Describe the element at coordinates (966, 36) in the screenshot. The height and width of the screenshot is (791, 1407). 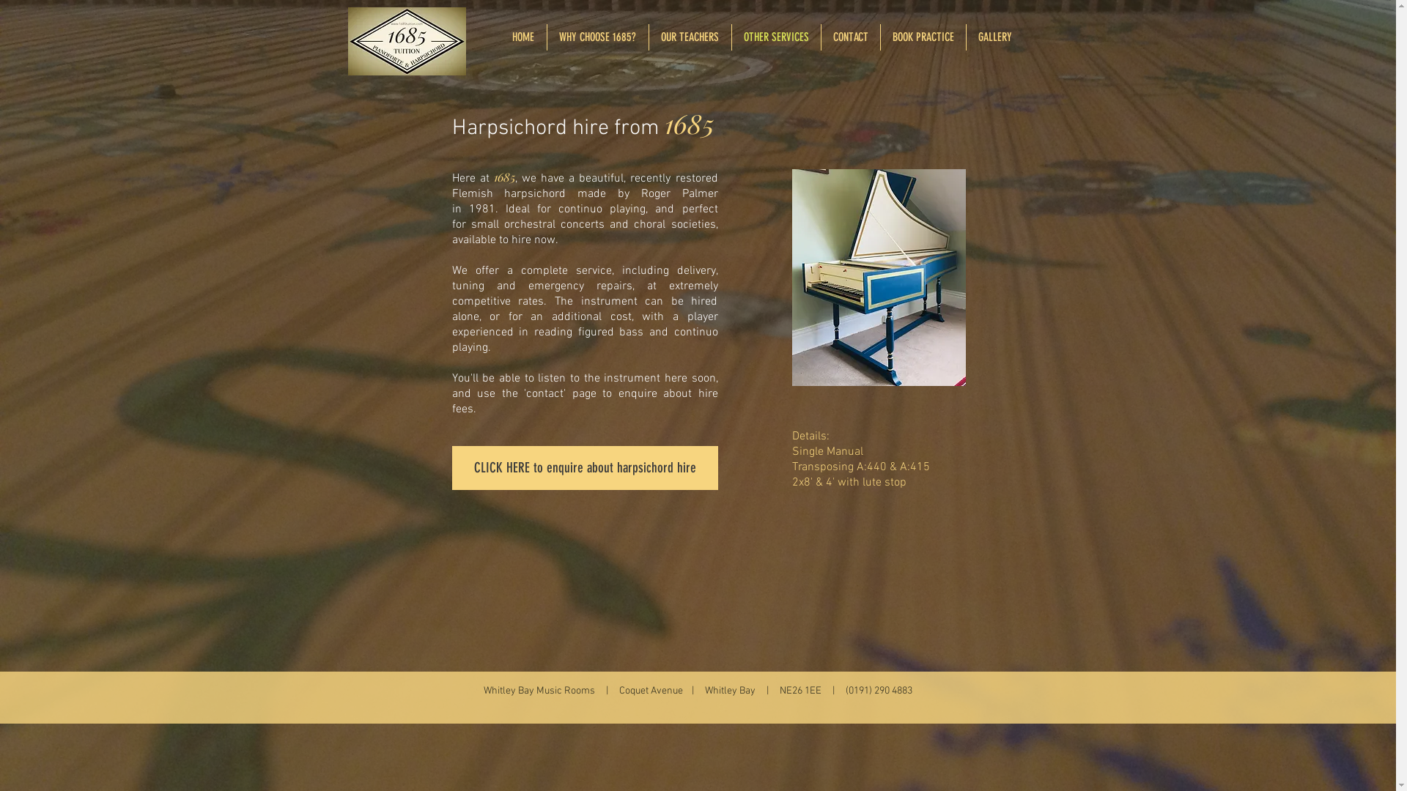
I see `'GALLERY'` at that location.